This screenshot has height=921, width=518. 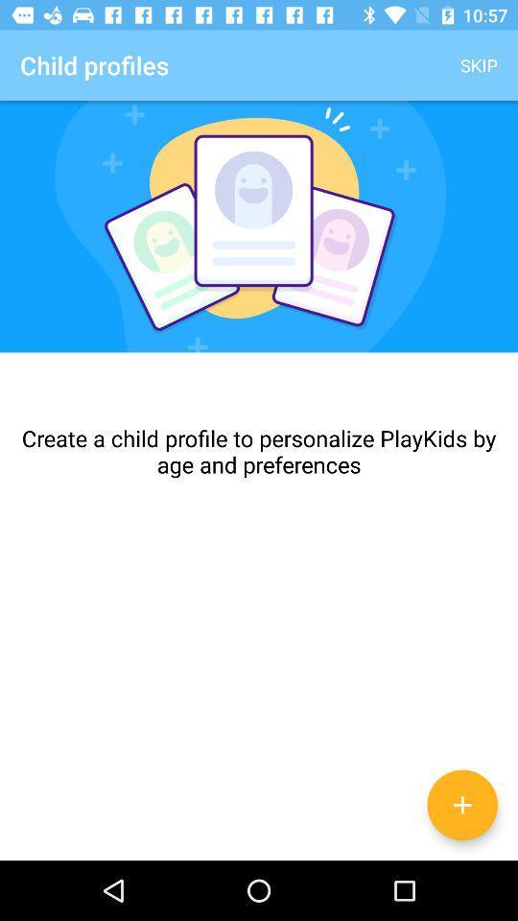 What do you see at coordinates (478, 65) in the screenshot?
I see `app to the right of child profiles app` at bounding box center [478, 65].